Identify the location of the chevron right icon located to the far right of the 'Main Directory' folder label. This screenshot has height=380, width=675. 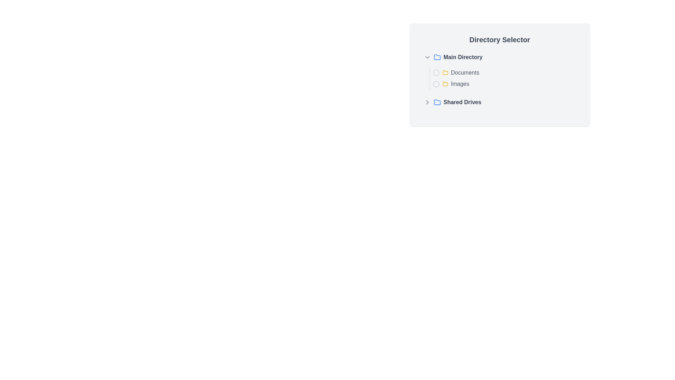
(427, 102).